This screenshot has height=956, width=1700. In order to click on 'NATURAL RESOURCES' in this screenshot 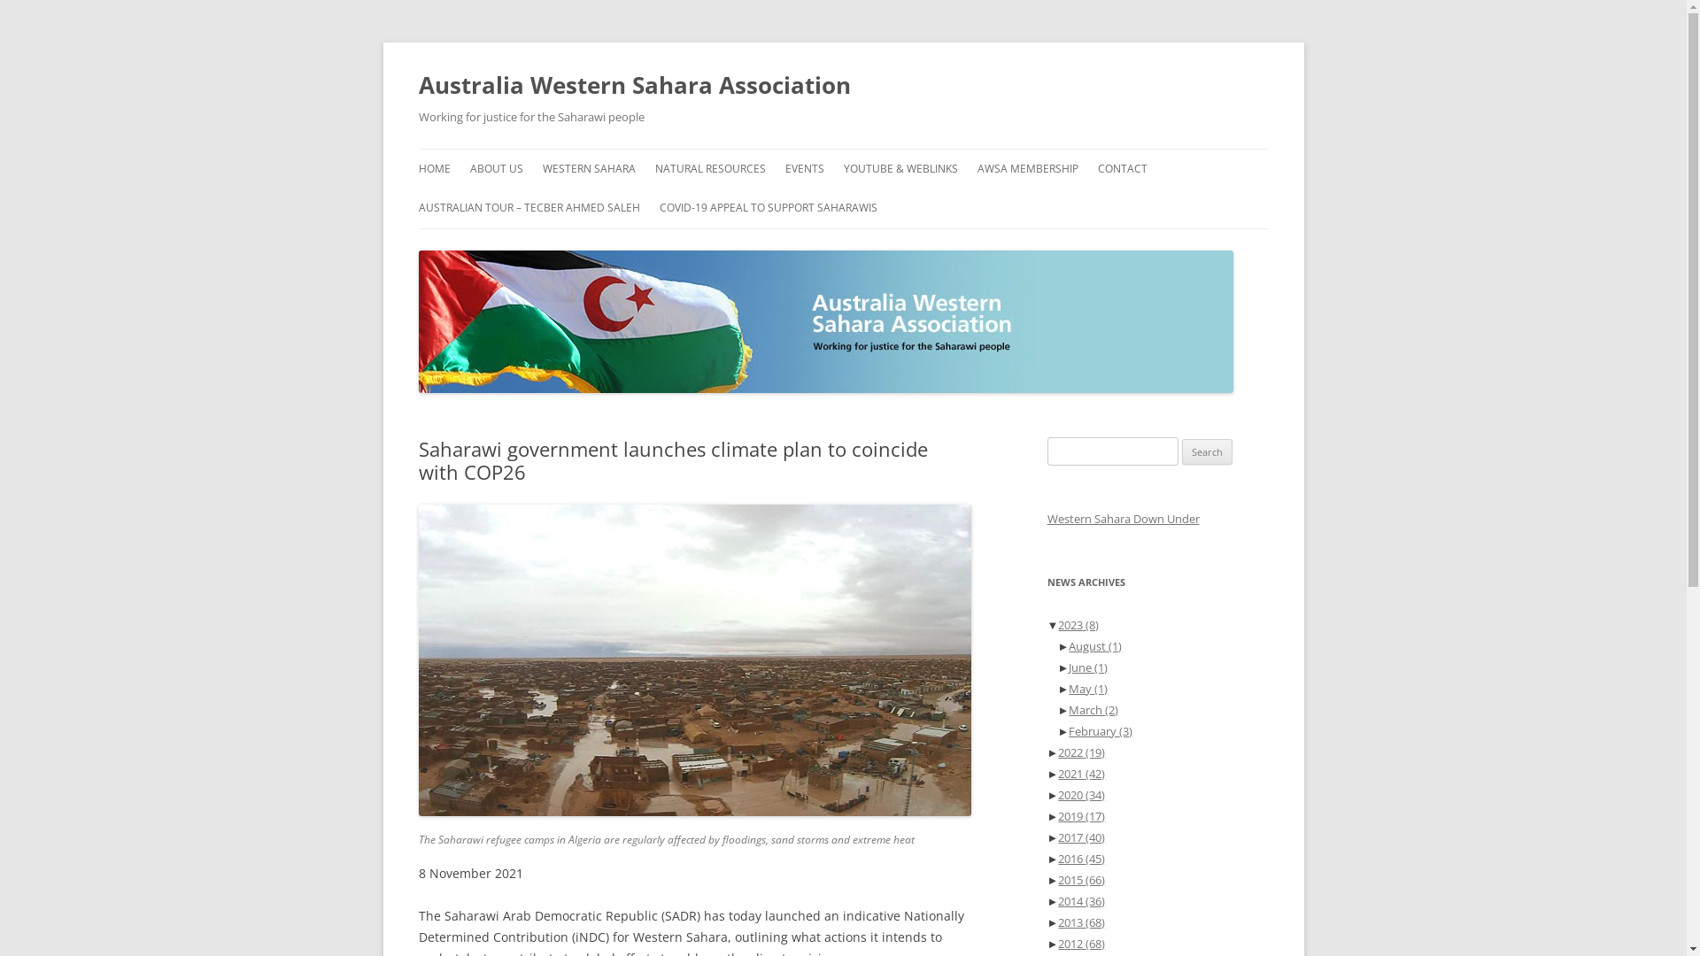, I will do `click(710, 169)`.